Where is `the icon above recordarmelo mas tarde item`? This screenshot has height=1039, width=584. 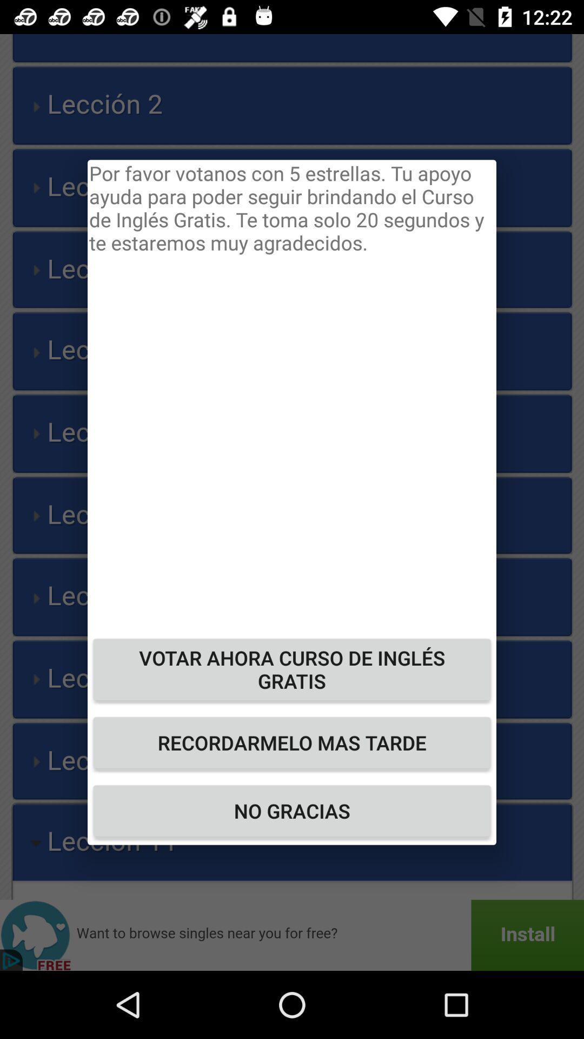
the icon above recordarmelo mas tarde item is located at coordinates (292, 669).